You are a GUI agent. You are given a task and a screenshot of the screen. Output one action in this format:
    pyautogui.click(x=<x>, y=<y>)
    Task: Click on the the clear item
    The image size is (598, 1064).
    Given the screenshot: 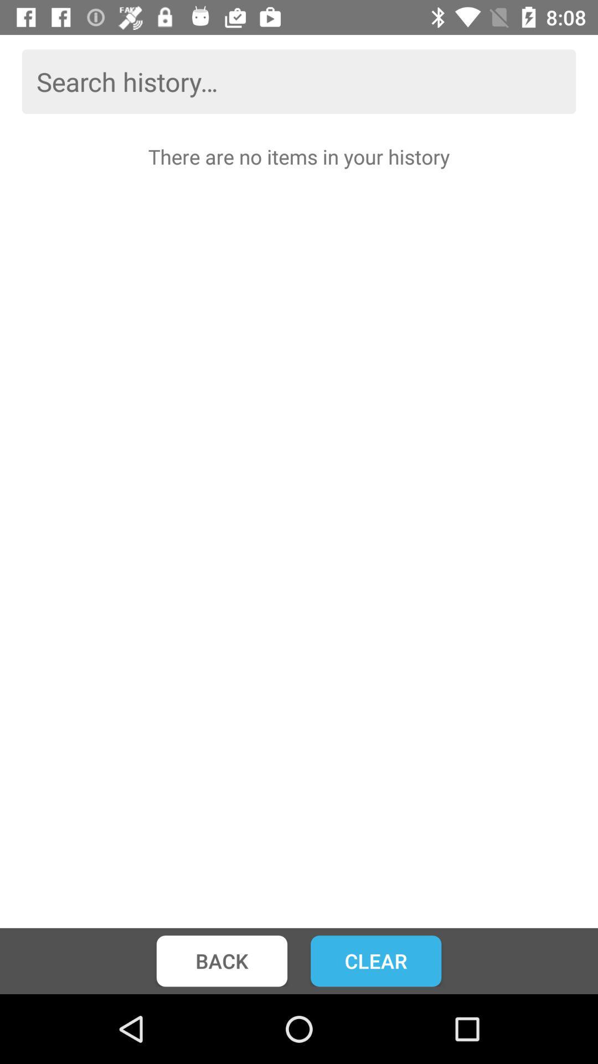 What is the action you would take?
    pyautogui.click(x=375, y=960)
    